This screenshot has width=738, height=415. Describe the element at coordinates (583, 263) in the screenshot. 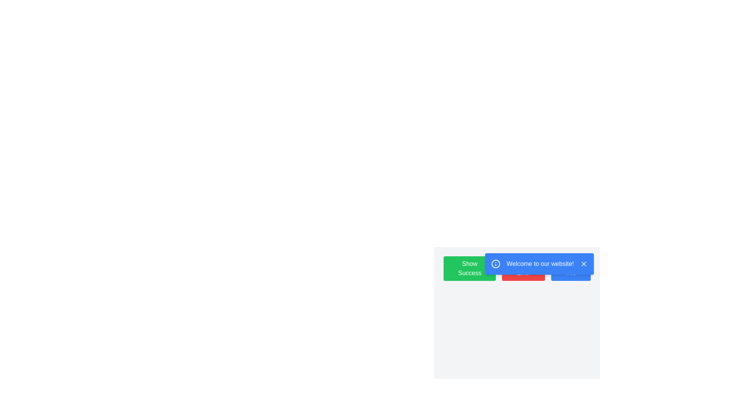

I see `the Close button, which is a small cross symbol implemented as an SVG graphic located at the top-right corner of a popup or notification box` at that location.